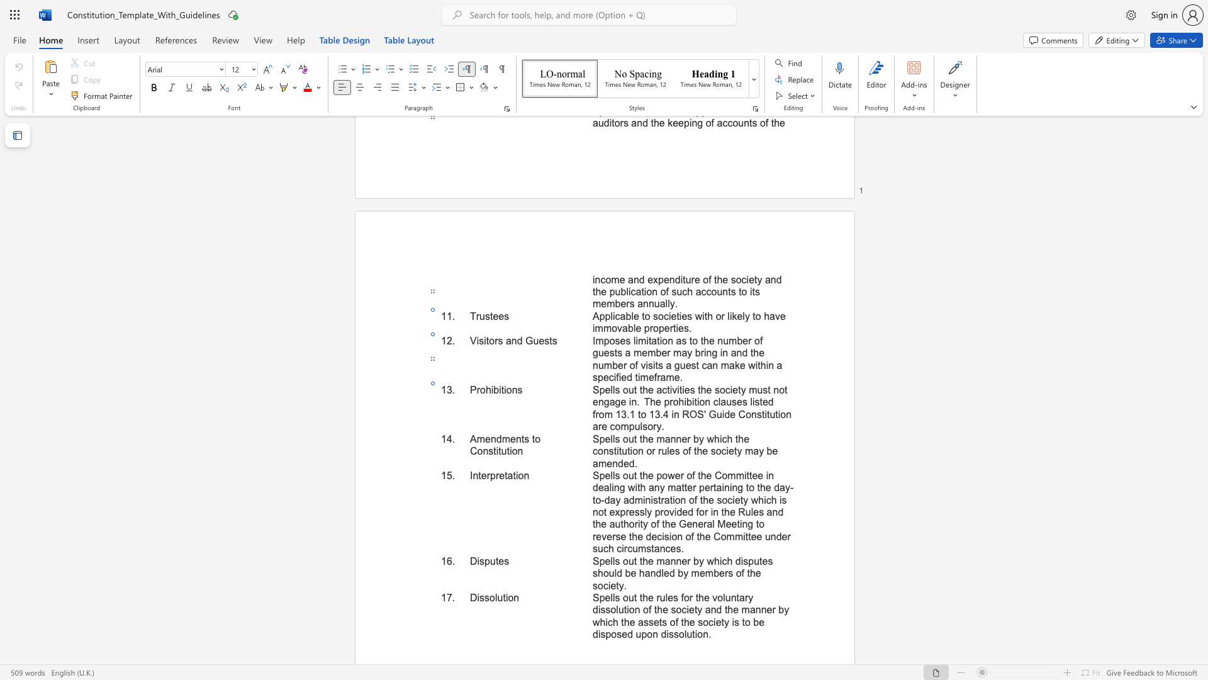 This screenshot has width=1208, height=680. What do you see at coordinates (509, 389) in the screenshot?
I see `the 2th character "o" in the text` at bounding box center [509, 389].